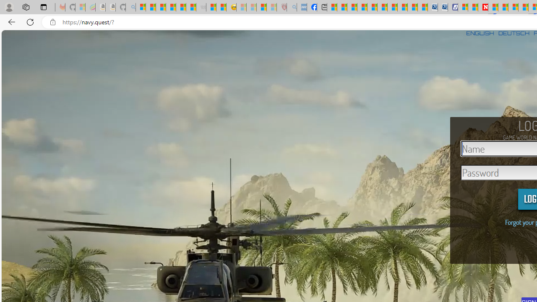 This screenshot has width=537, height=302. Describe the element at coordinates (480, 33) in the screenshot. I see `'ENGLISH'` at that location.